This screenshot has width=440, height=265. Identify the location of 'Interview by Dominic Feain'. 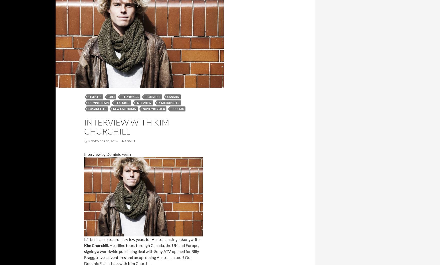
(107, 154).